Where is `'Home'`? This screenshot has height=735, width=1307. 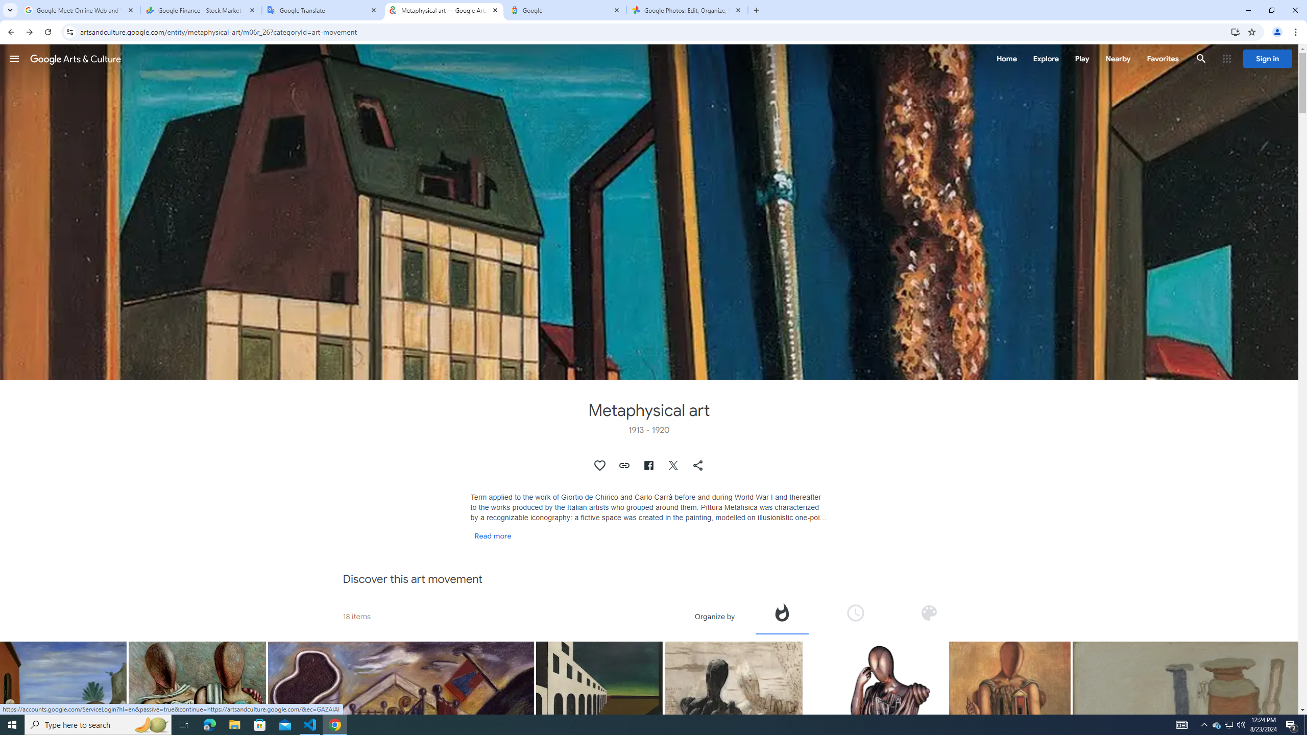
'Home' is located at coordinates (1006, 58).